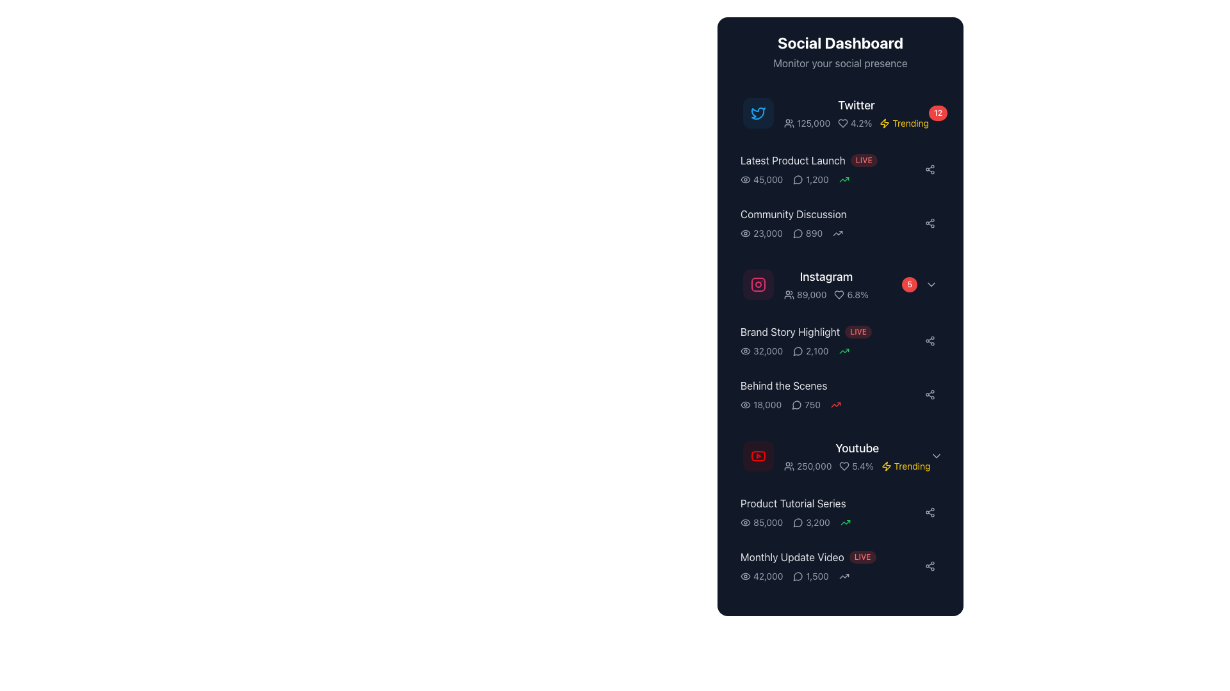 The image size is (1230, 691). Describe the element at coordinates (840, 169) in the screenshot. I see `the Information card displaying social media topic details including its label and status (LIVE) located` at that location.